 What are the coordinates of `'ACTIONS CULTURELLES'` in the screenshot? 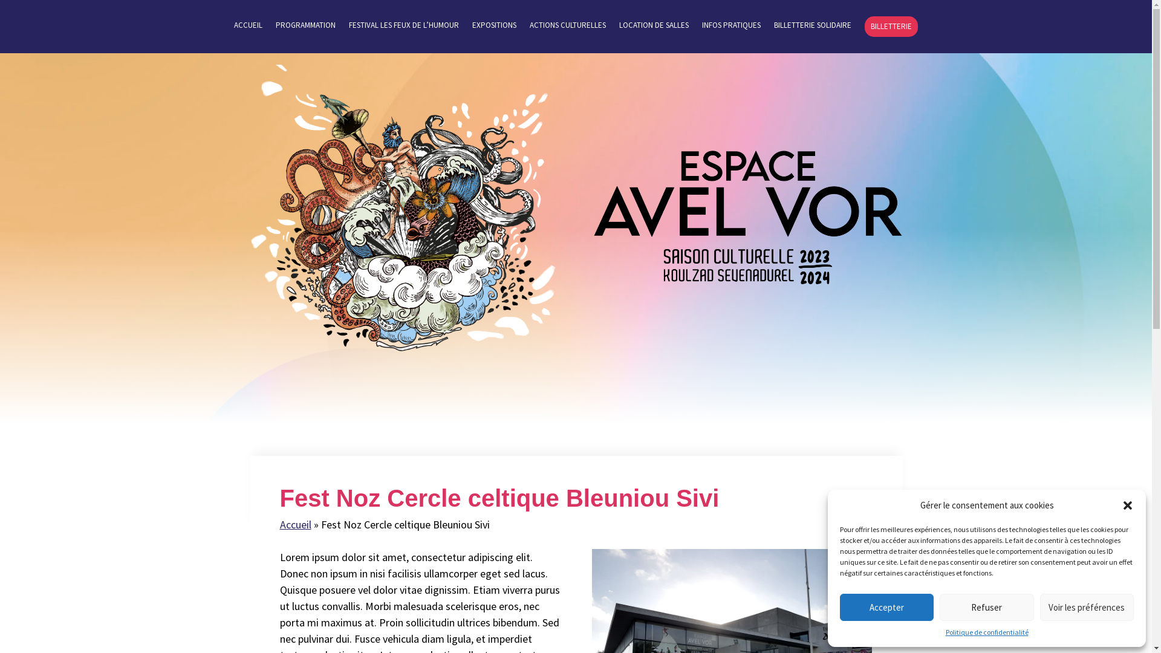 It's located at (567, 28).